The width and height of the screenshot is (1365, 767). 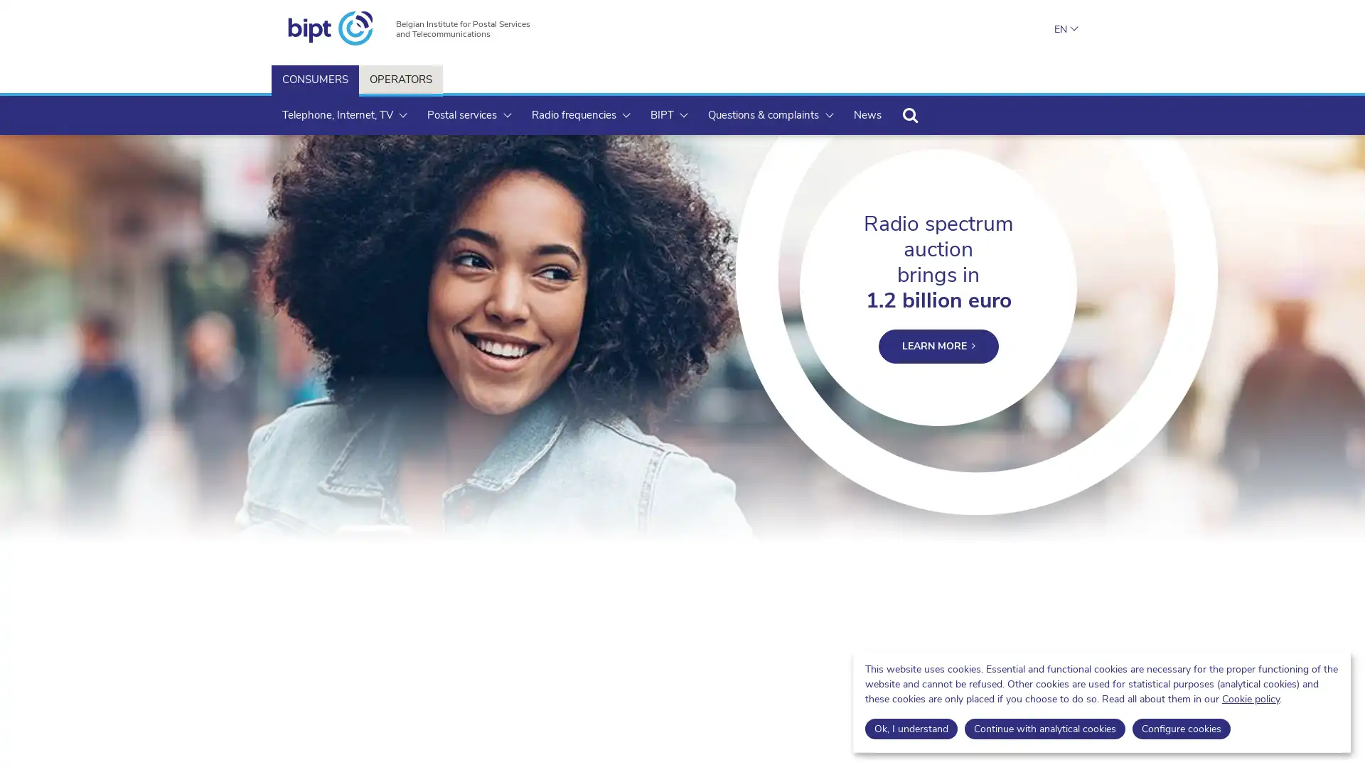 What do you see at coordinates (911, 114) in the screenshot?
I see `Search` at bounding box center [911, 114].